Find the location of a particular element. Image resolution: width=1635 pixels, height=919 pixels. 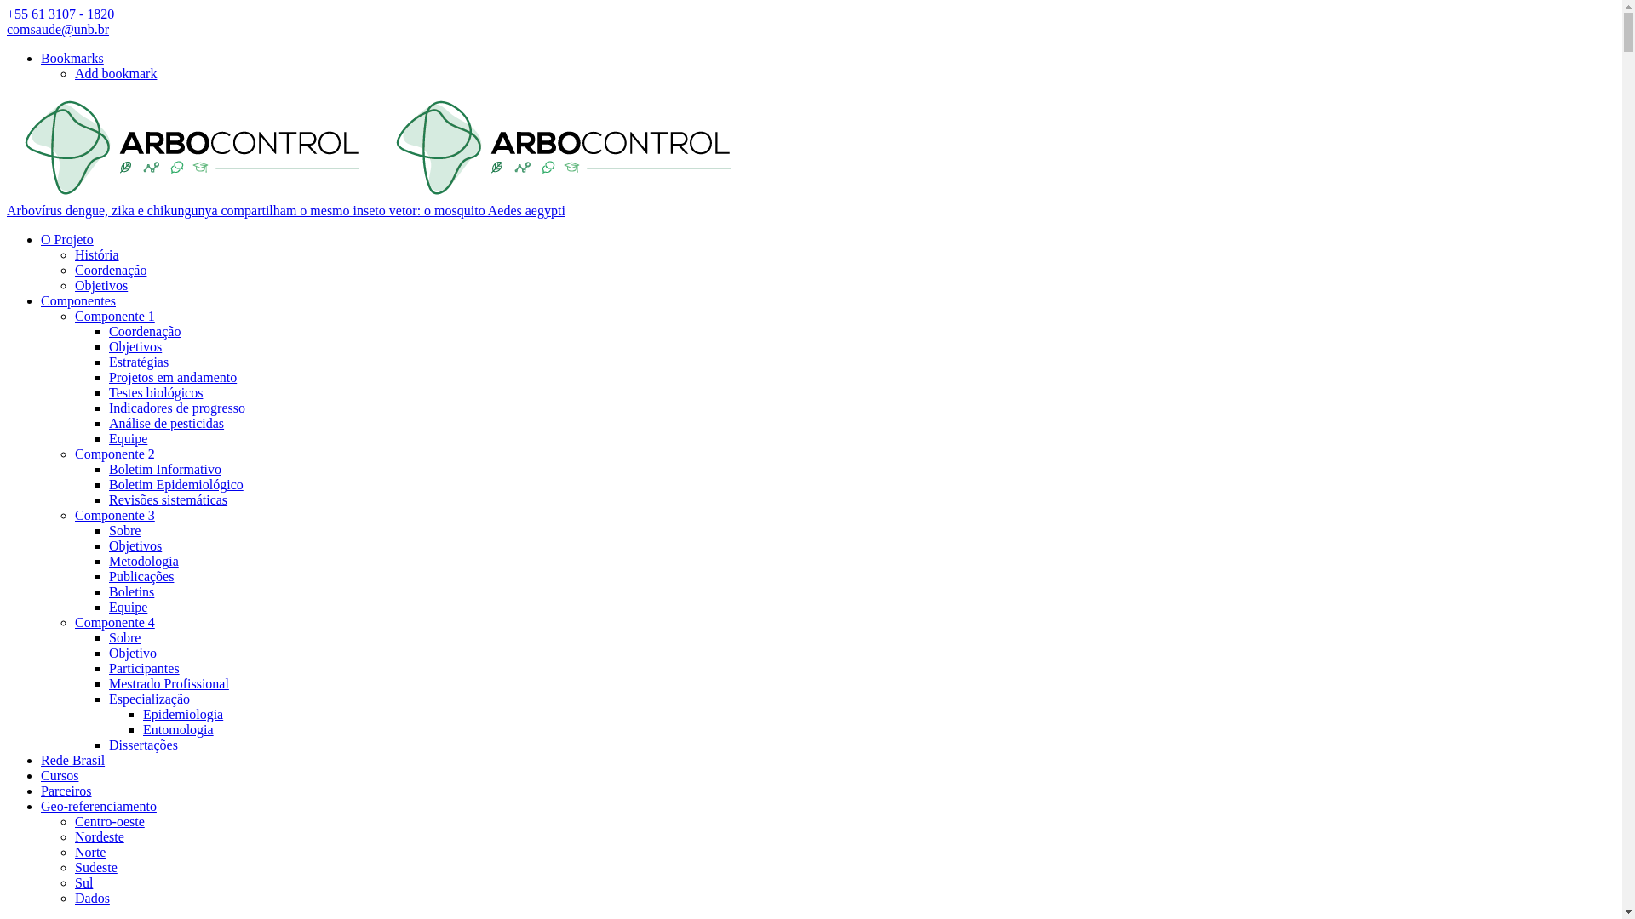

'Boletim Informativo' is located at coordinates (164, 469).